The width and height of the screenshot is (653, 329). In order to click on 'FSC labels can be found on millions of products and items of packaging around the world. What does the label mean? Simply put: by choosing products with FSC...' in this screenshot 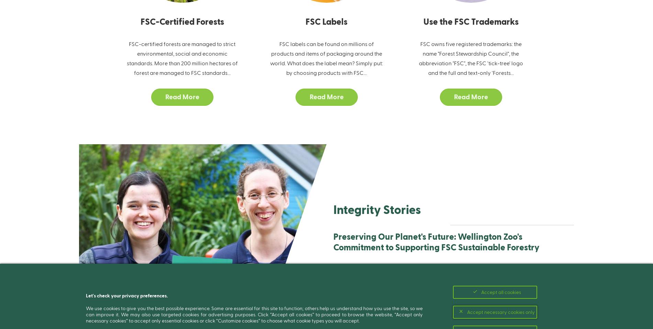, I will do `click(326, 58)`.